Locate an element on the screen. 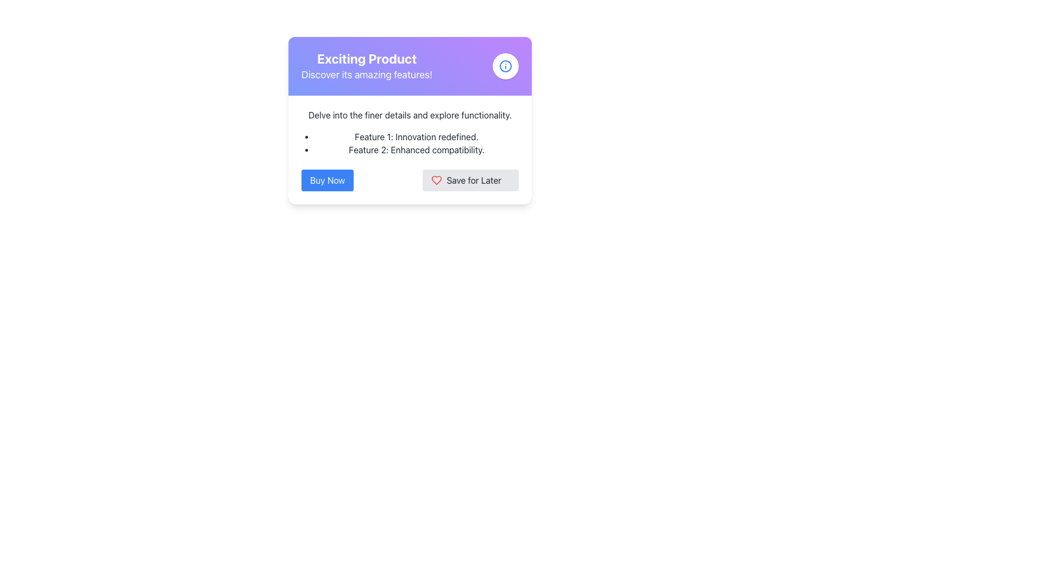 Image resolution: width=1043 pixels, height=587 pixels. the 'Save for Later' icon located to the left of the 'Save for Later' button in the lower right corner of the interface card is located at coordinates (437, 179).